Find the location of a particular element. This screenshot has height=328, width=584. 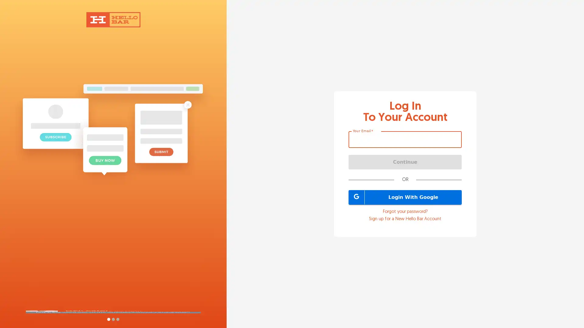

Continue is located at coordinates (405, 161).